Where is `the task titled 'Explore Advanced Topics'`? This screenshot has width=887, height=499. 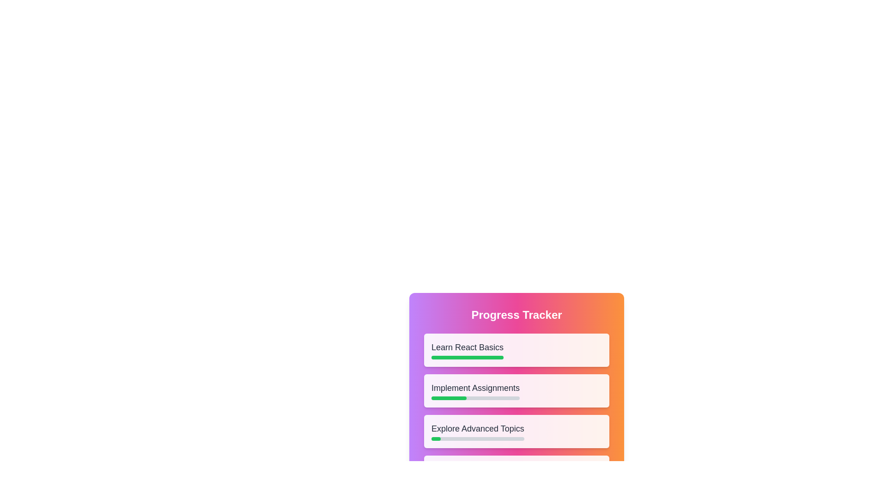 the task titled 'Explore Advanced Topics' is located at coordinates (477, 431).